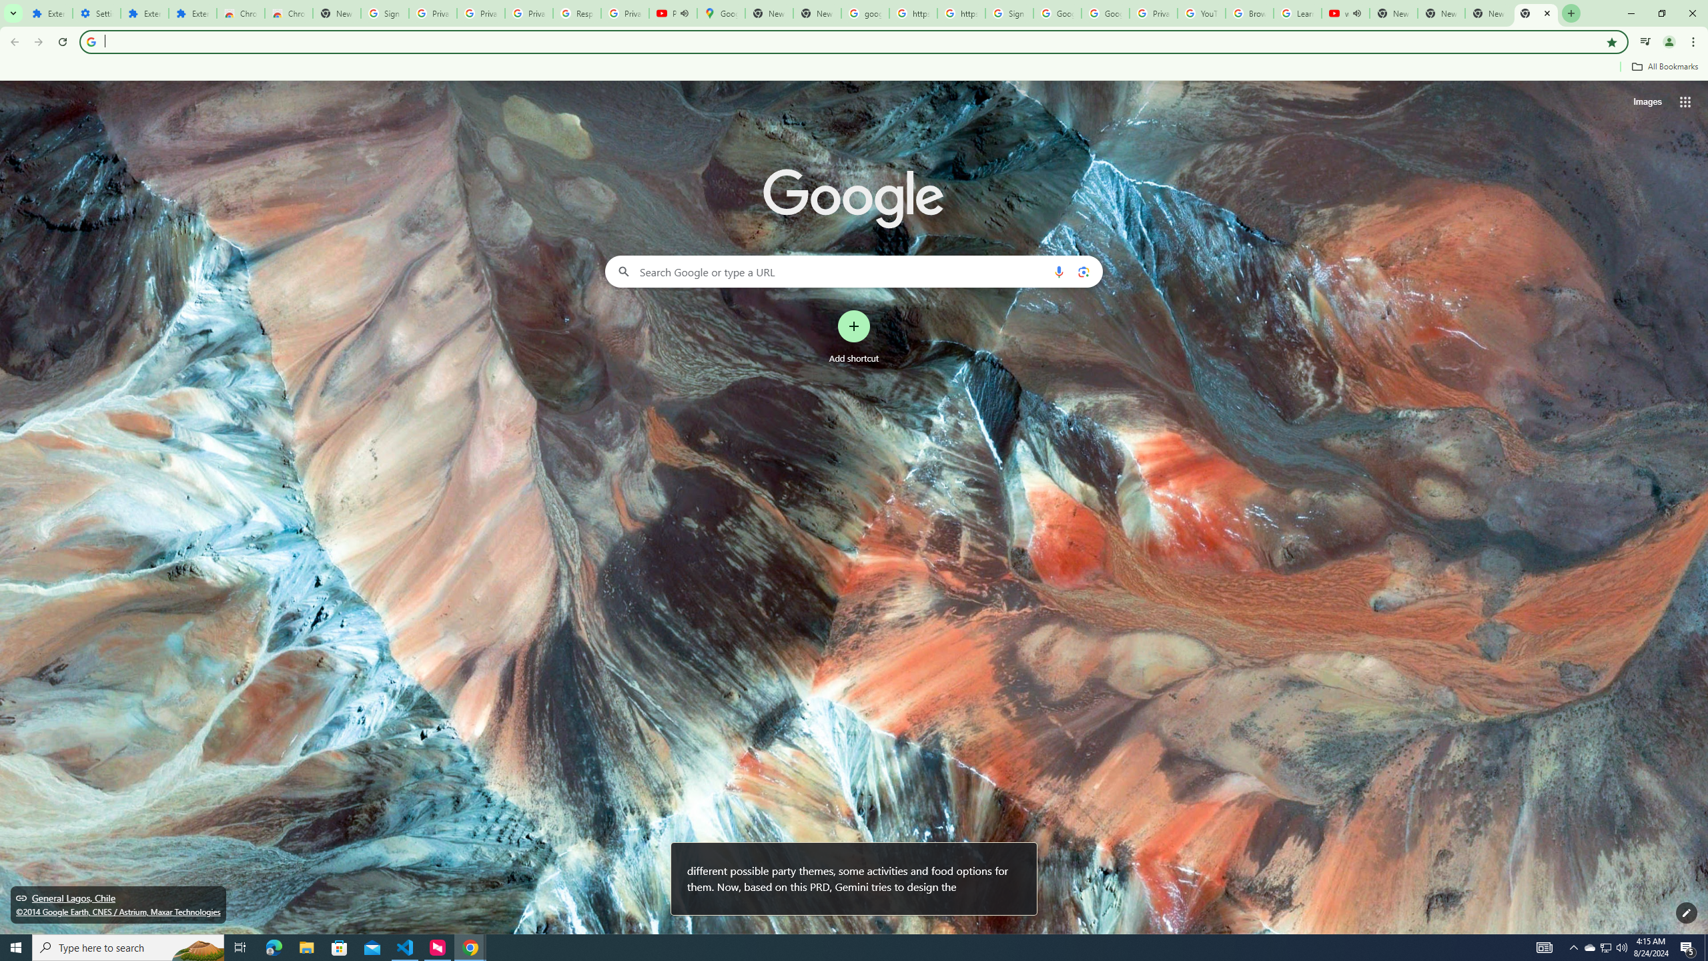  Describe the element at coordinates (384, 13) in the screenshot. I see `'Sign in - Google Accounts'` at that location.